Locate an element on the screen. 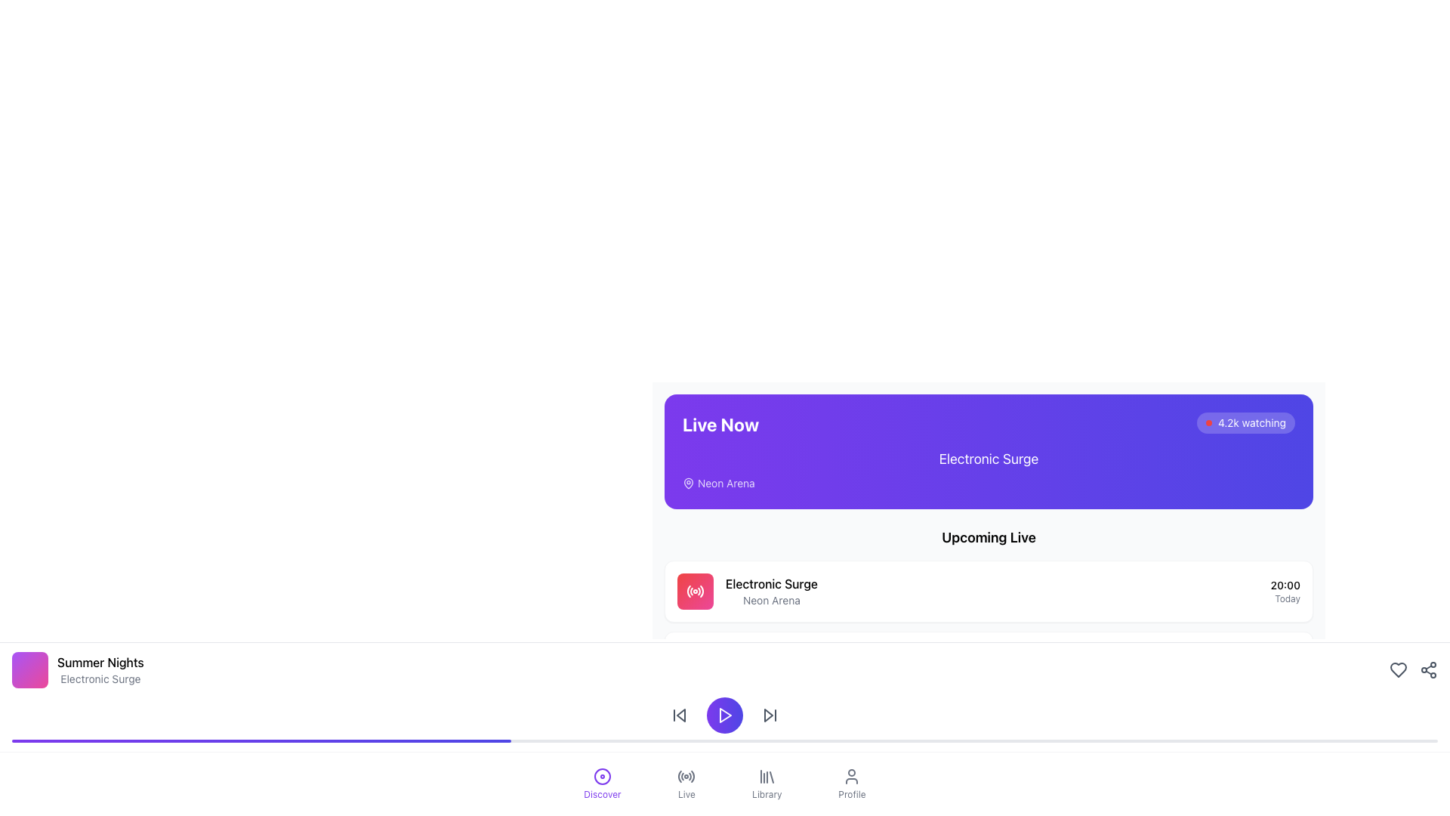 The width and height of the screenshot is (1450, 816). the left icon on the Event card representing the upcoming event, which is the first card in the 'Upcoming Live' section is located at coordinates (989, 591).